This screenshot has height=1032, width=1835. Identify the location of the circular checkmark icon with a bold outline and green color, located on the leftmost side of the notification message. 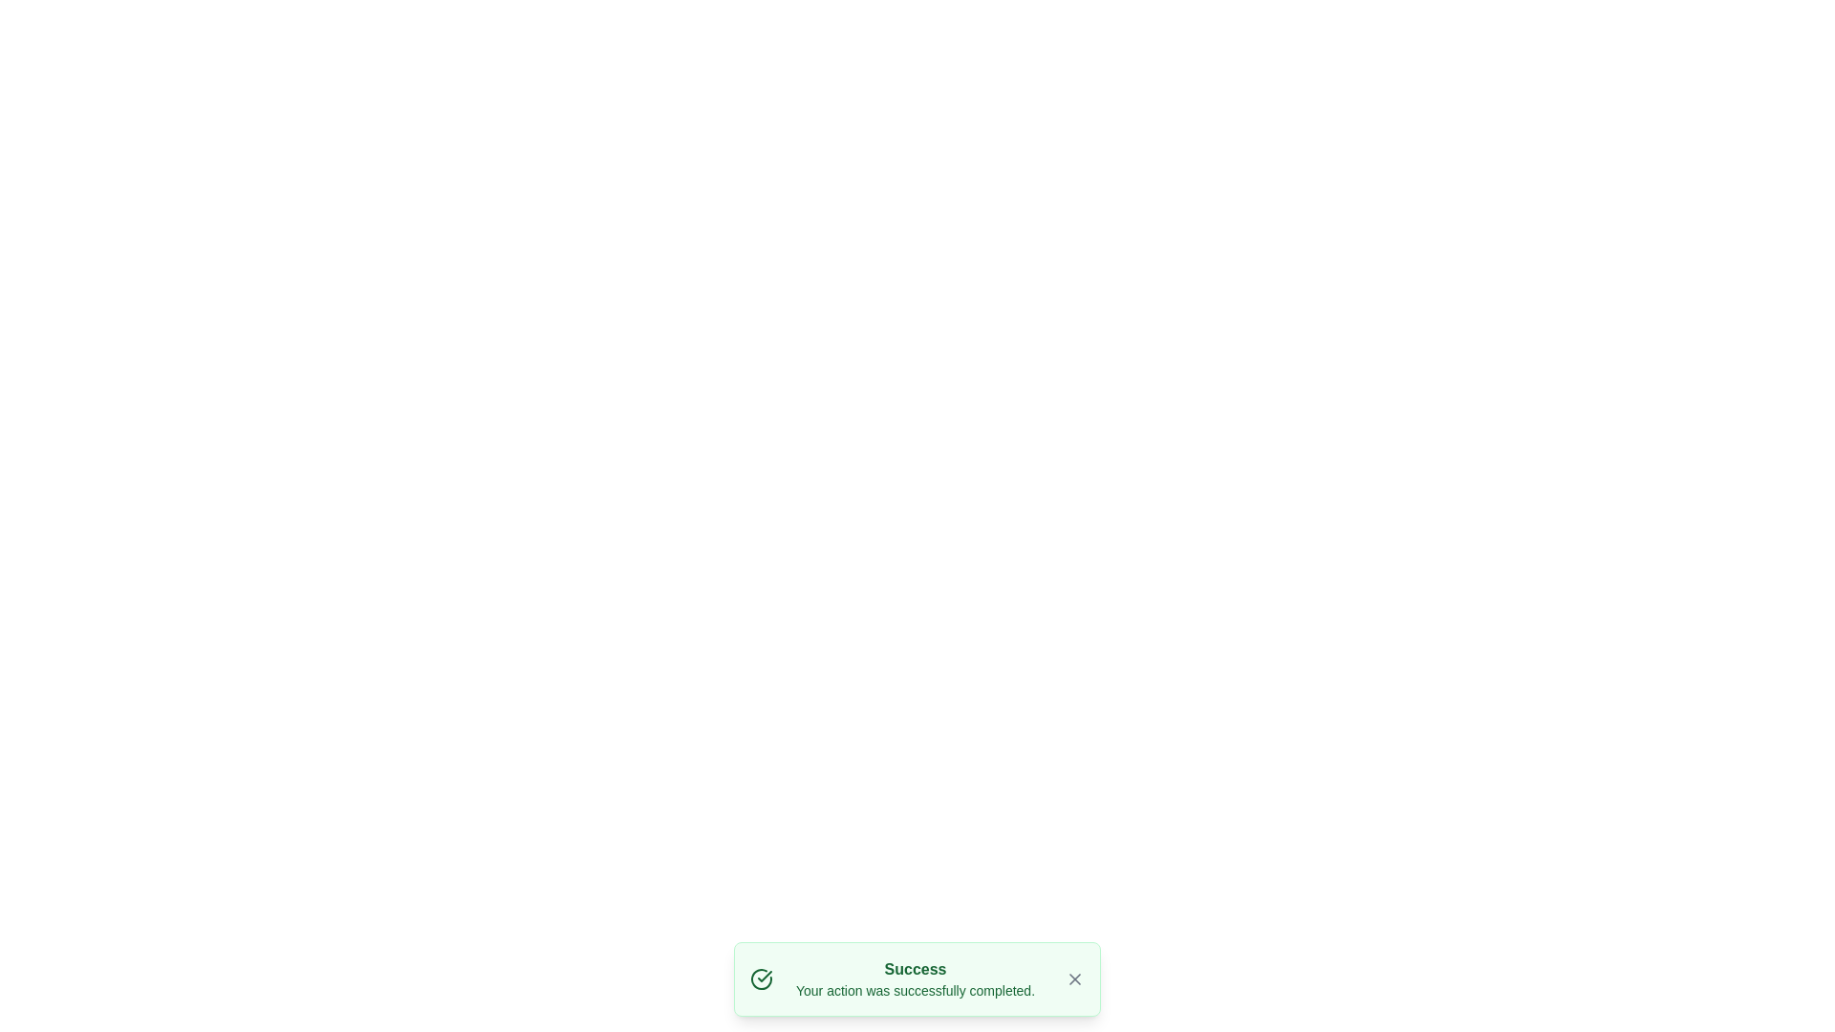
(760, 979).